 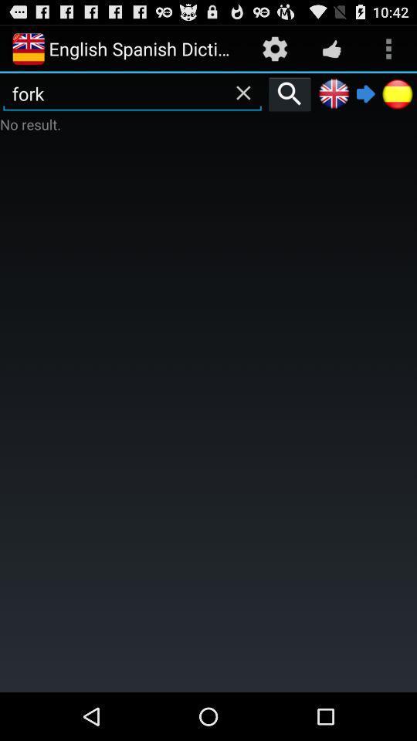 I want to click on item to the right of the fork icon, so click(x=290, y=93).